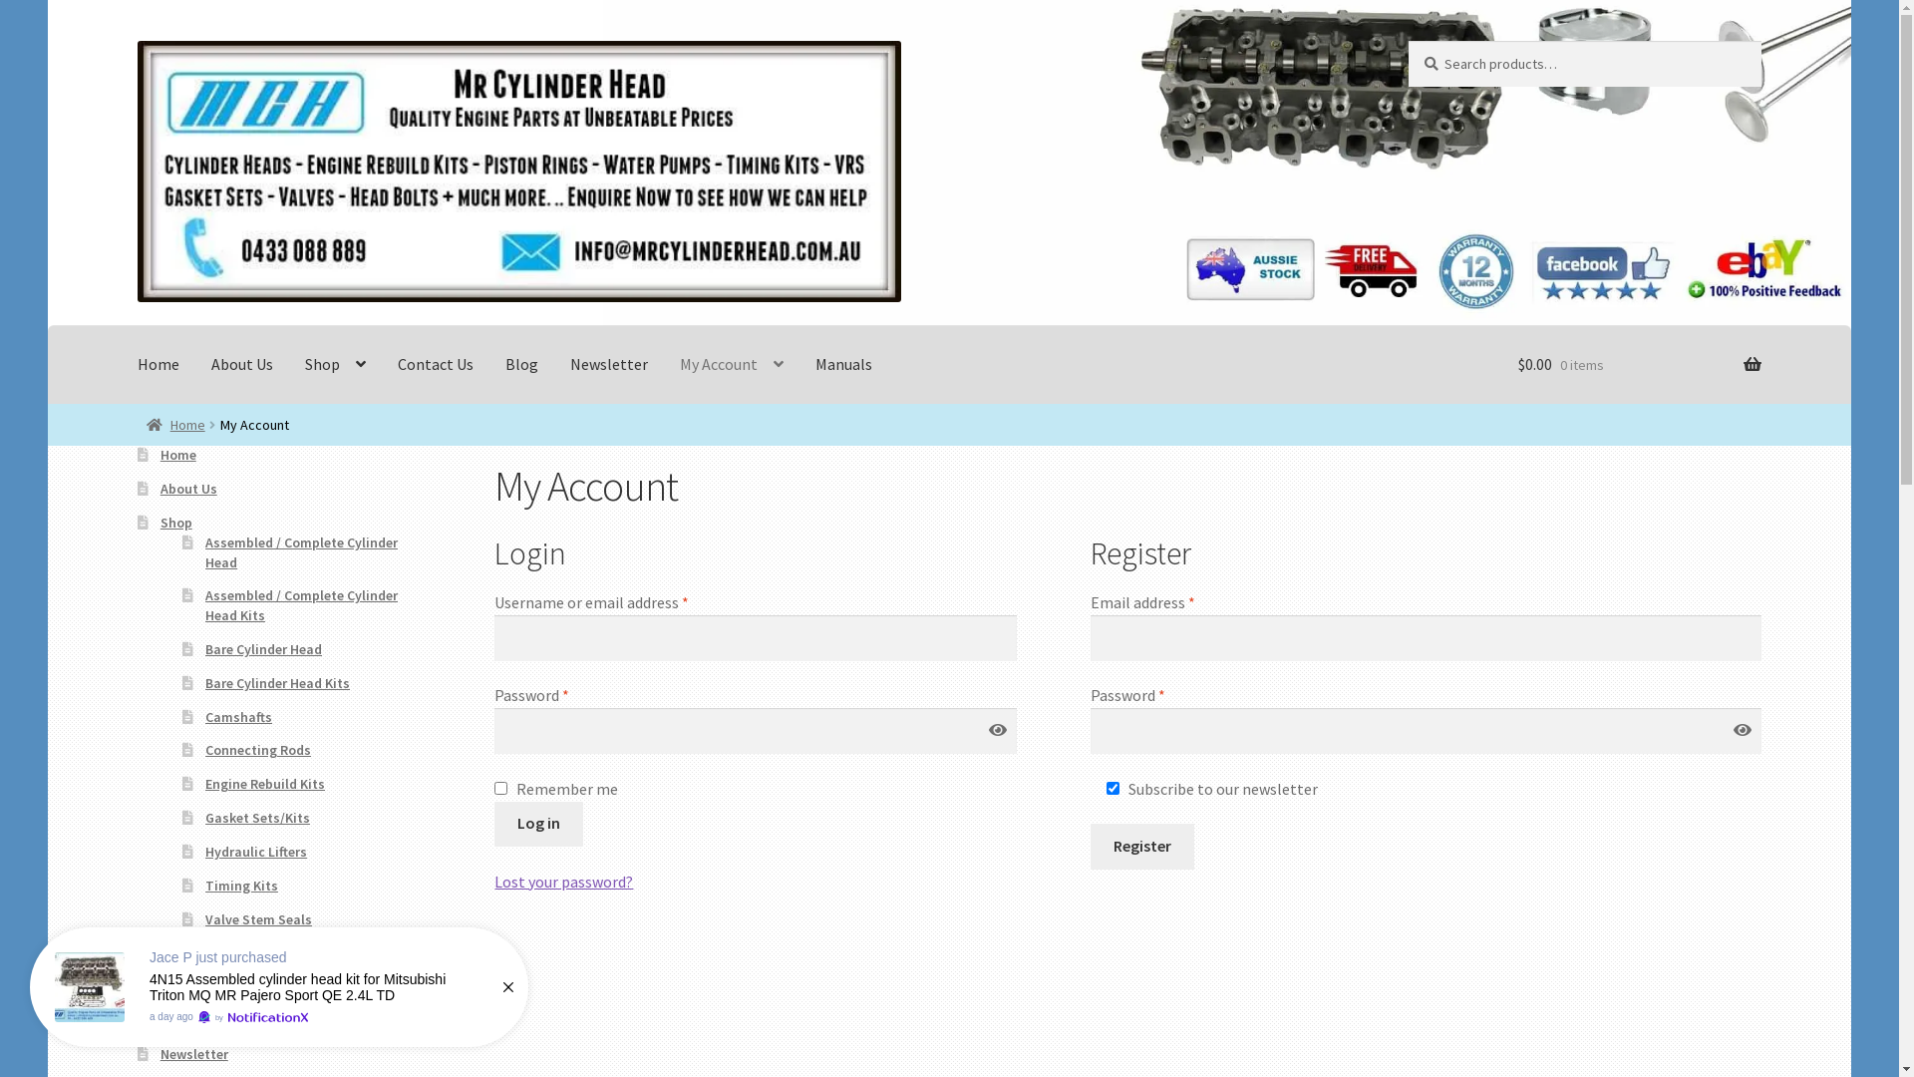 The image size is (1914, 1077). Describe the element at coordinates (731, 364) in the screenshot. I see `'My Account'` at that location.